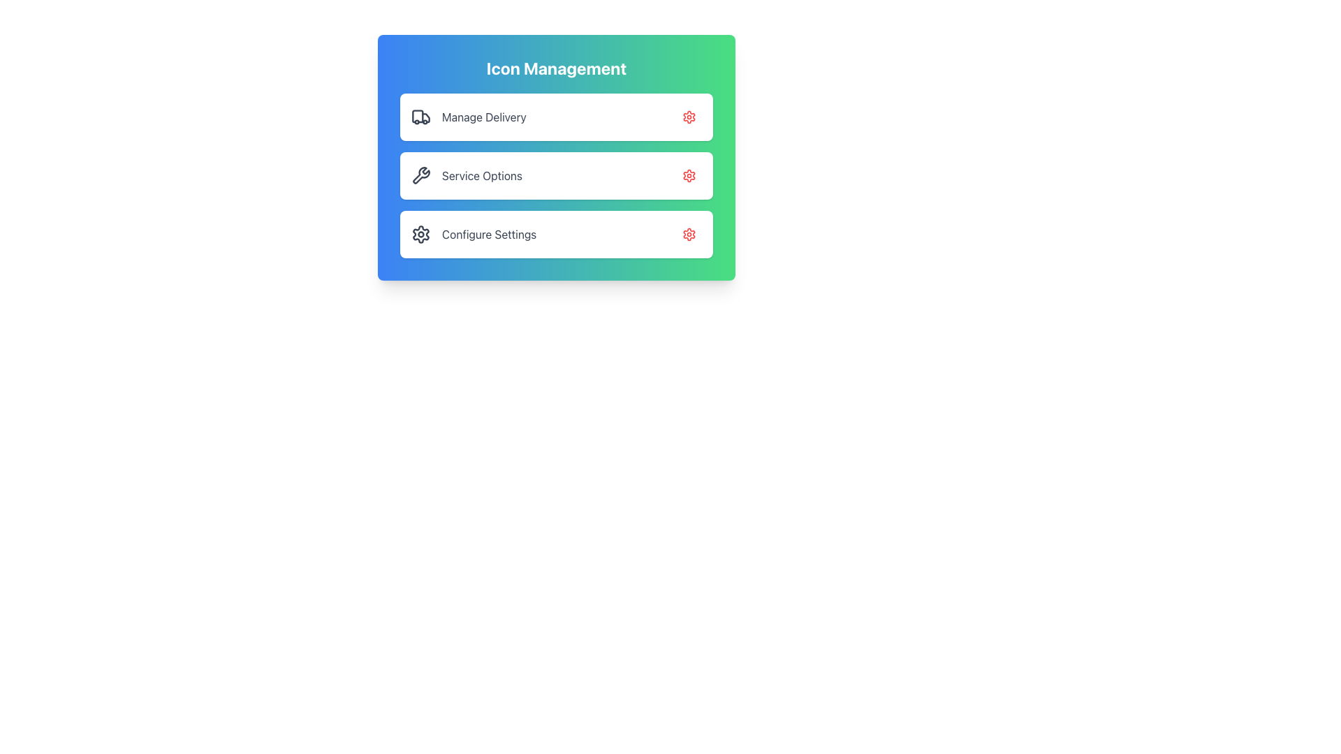 This screenshot has height=754, width=1341. Describe the element at coordinates (689, 175) in the screenshot. I see `the settings icon located` at that location.